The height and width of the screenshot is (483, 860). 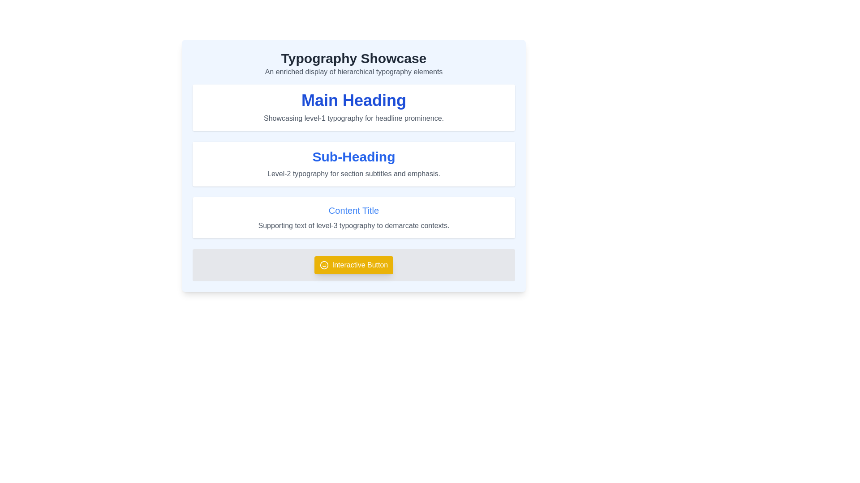 I want to click on the interactive button located at the bottom of the vertically aligned list of components under the 'Content Title' section, so click(x=353, y=265).